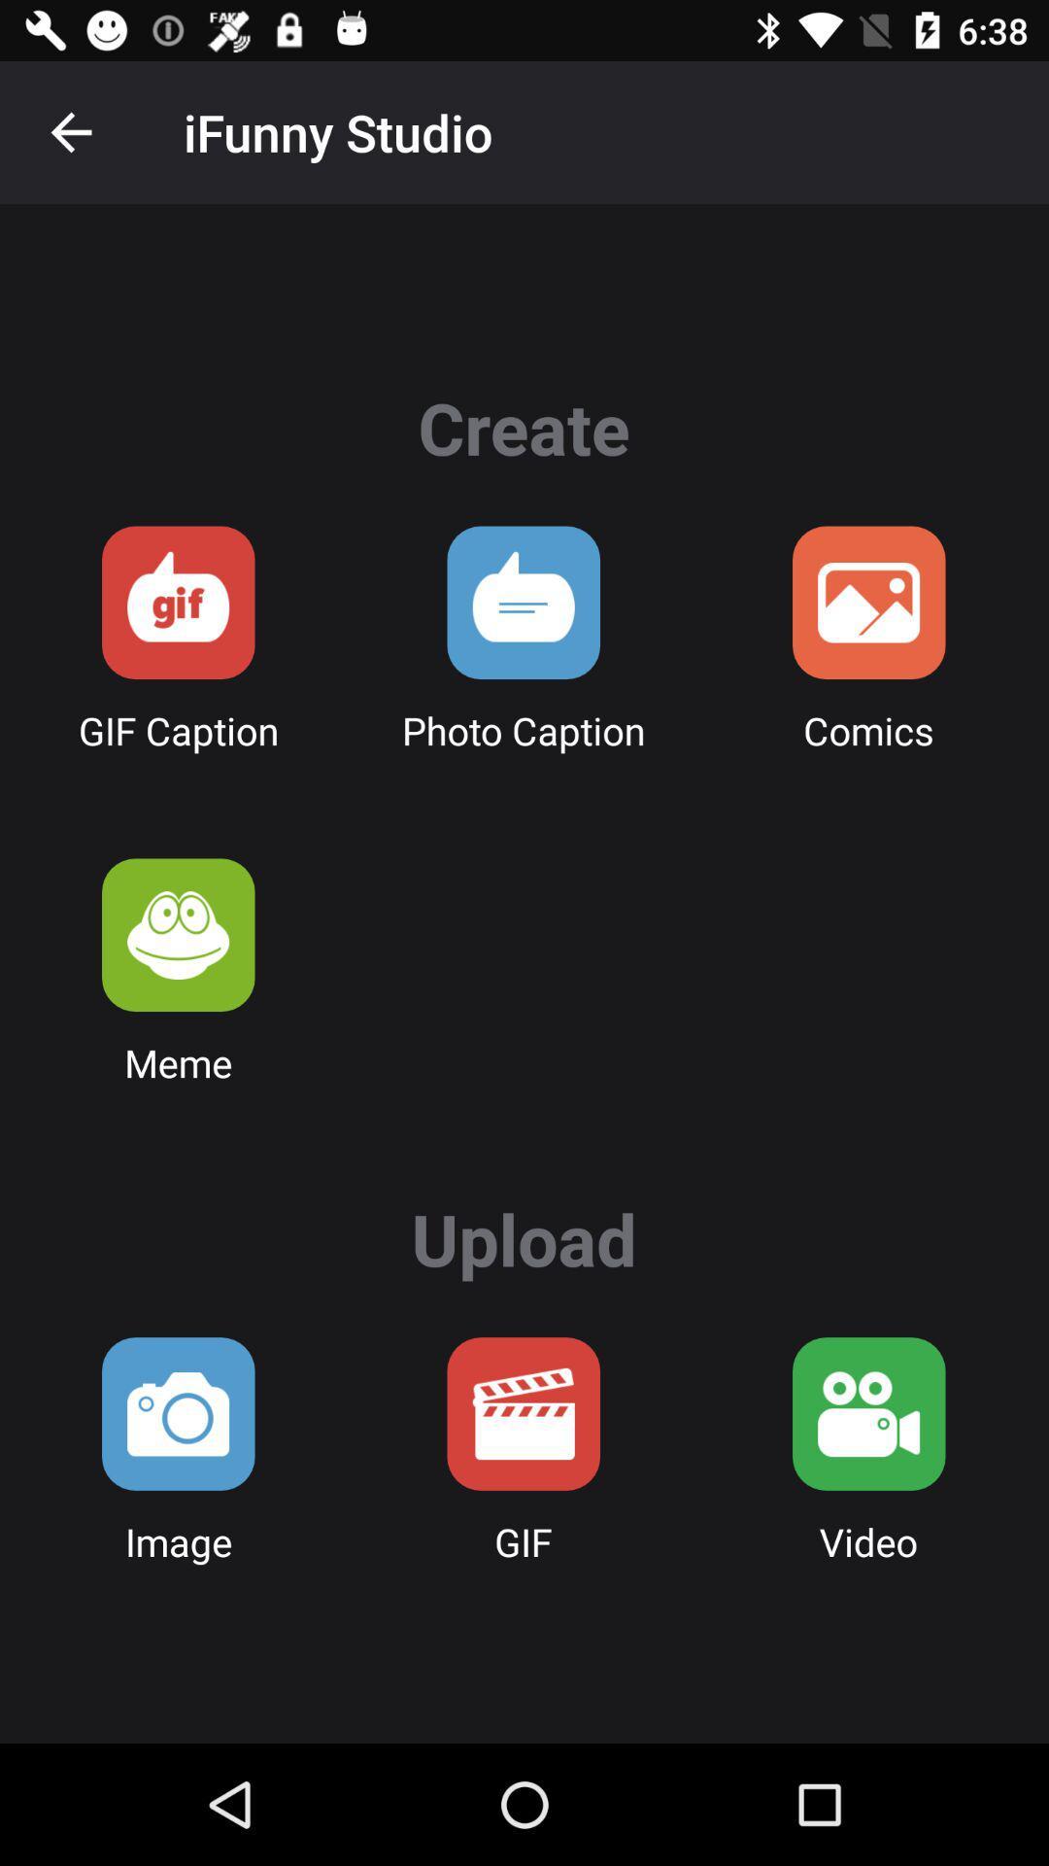 Image resolution: width=1049 pixels, height=1866 pixels. I want to click on a gift, so click(178, 602).